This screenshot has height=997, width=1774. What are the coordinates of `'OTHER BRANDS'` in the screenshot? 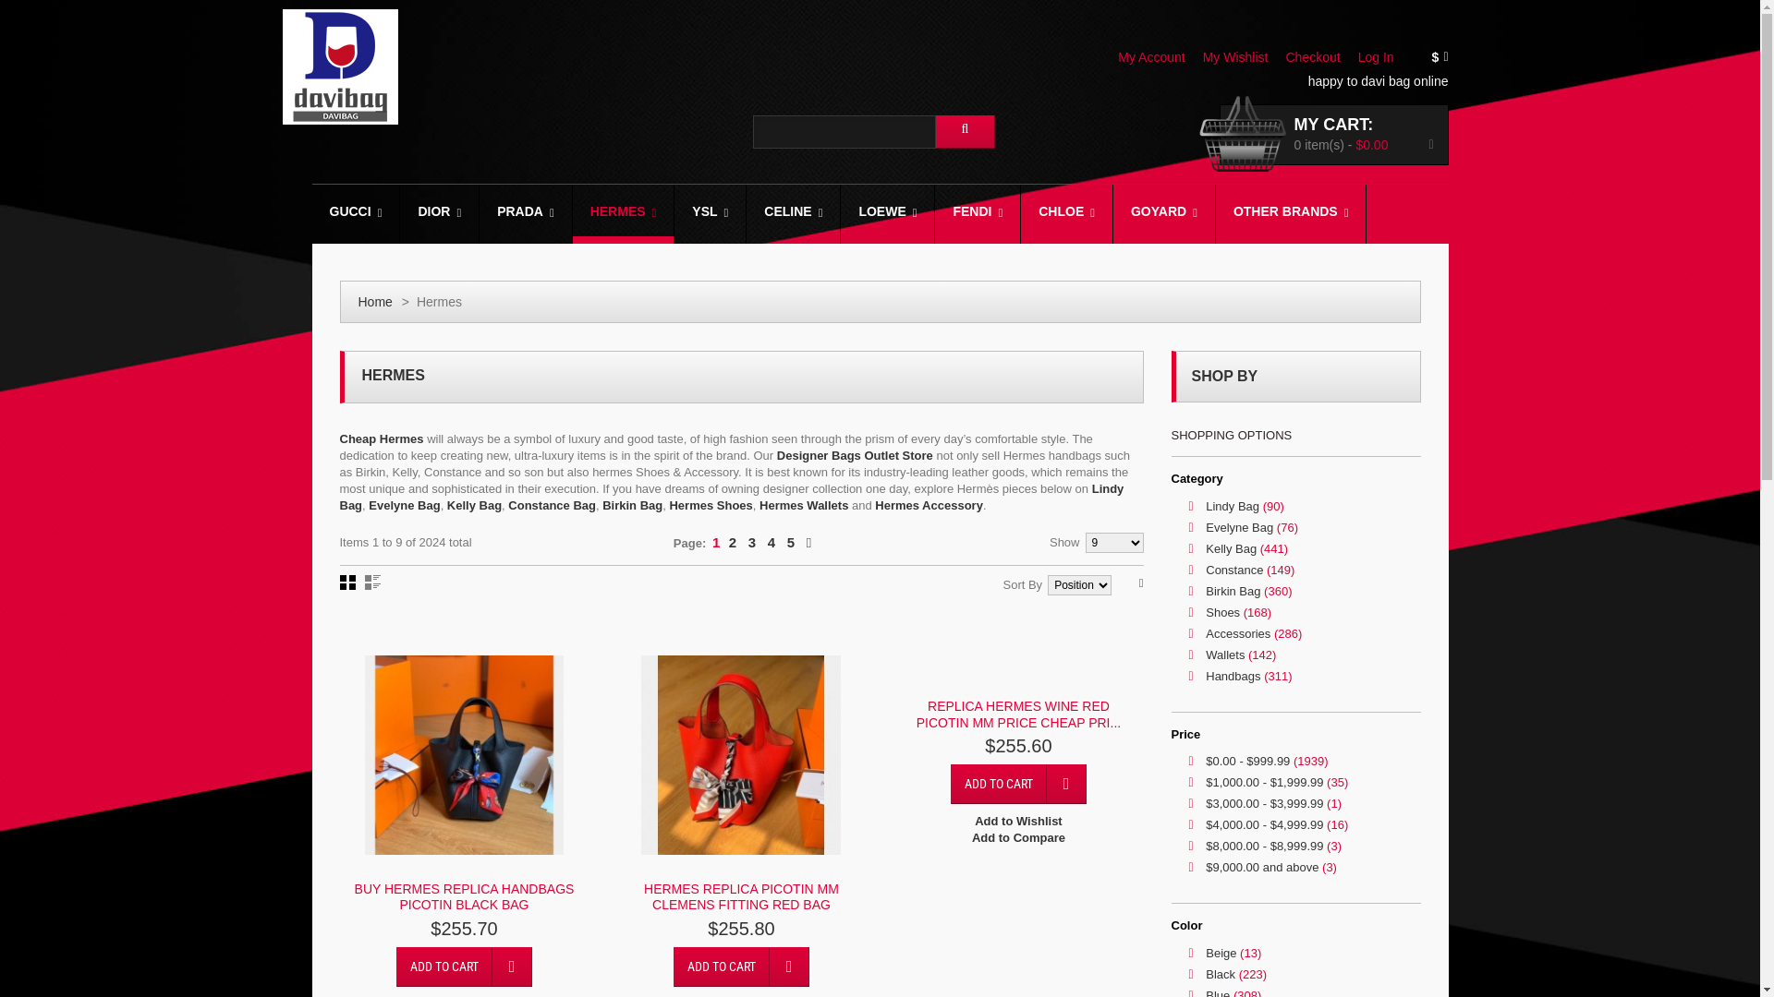 It's located at (1290, 212).